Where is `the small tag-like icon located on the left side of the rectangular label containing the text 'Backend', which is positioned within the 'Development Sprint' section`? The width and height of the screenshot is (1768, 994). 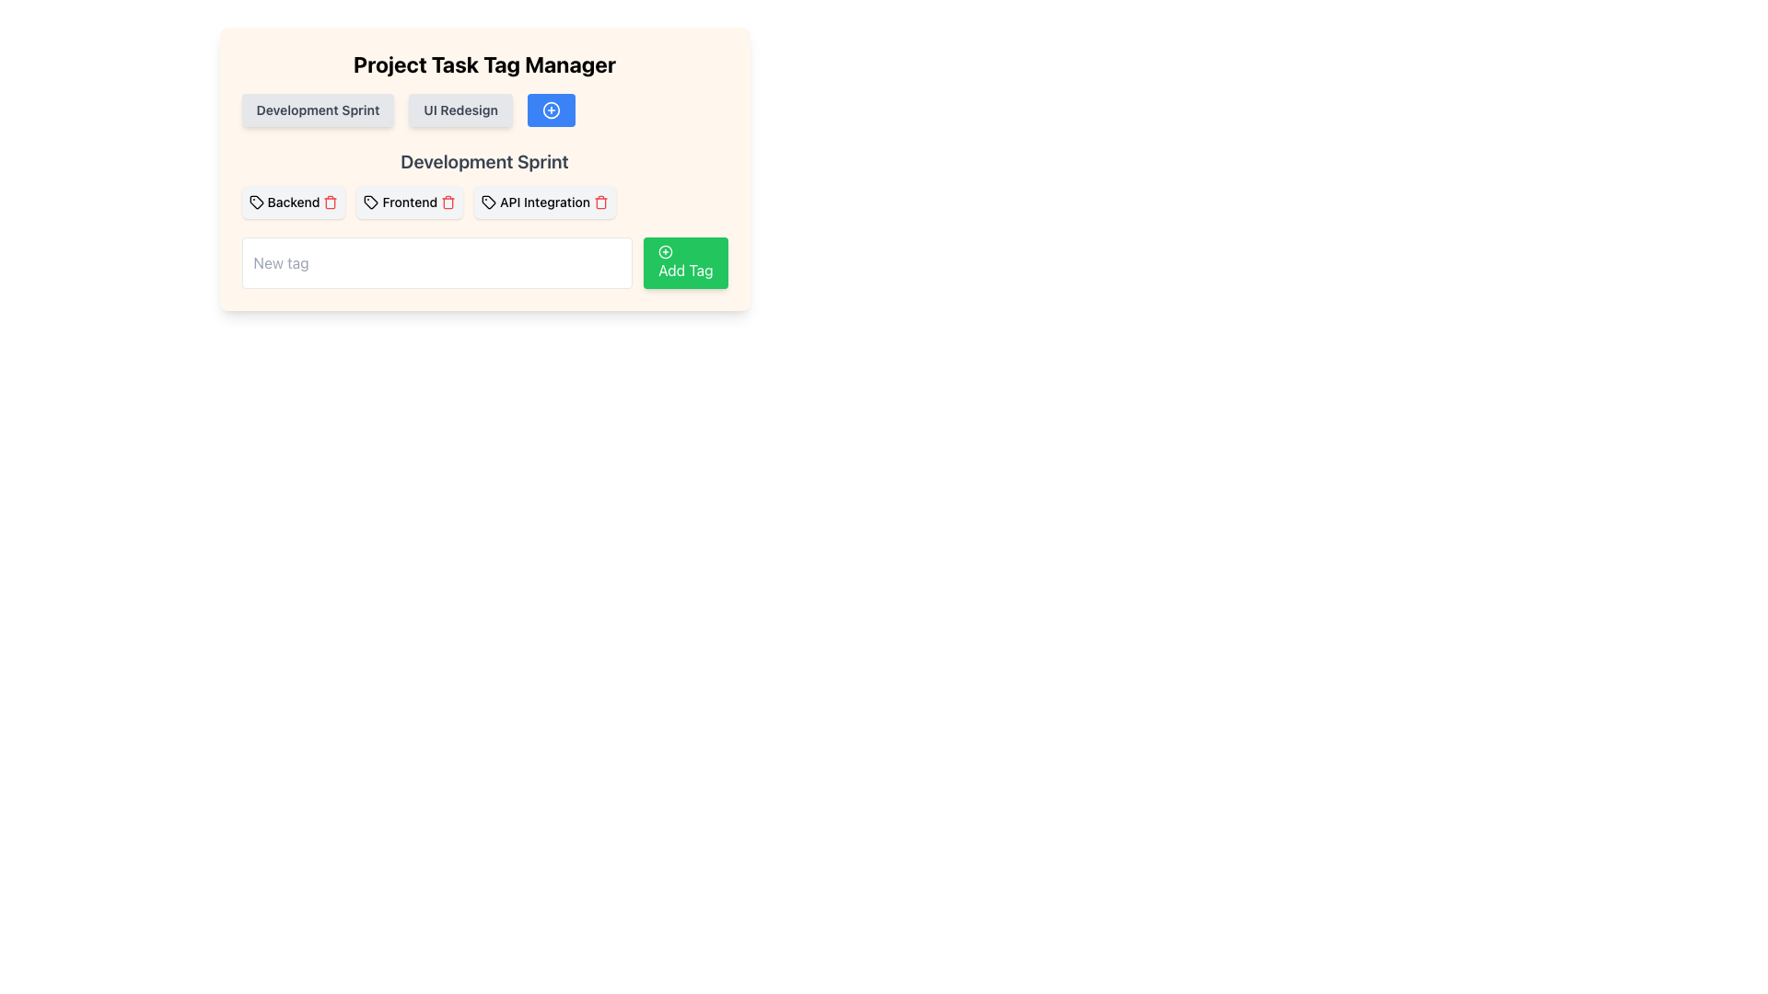
the small tag-like icon located on the left side of the rectangular label containing the text 'Backend', which is positioned within the 'Development Sprint' section is located at coordinates (255, 202).